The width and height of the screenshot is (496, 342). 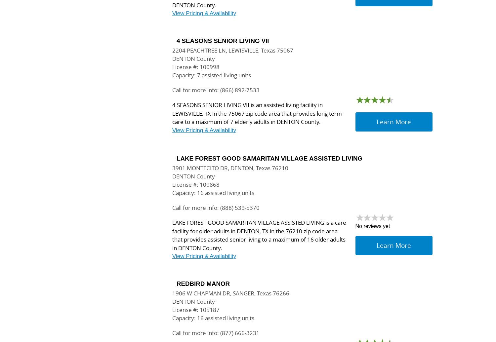 What do you see at coordinates (230, 293) in the screenshot?
I see `'1906 W CHAPMAN DR, SANGER, Texas 76266'` at bounding box center [230, 293].